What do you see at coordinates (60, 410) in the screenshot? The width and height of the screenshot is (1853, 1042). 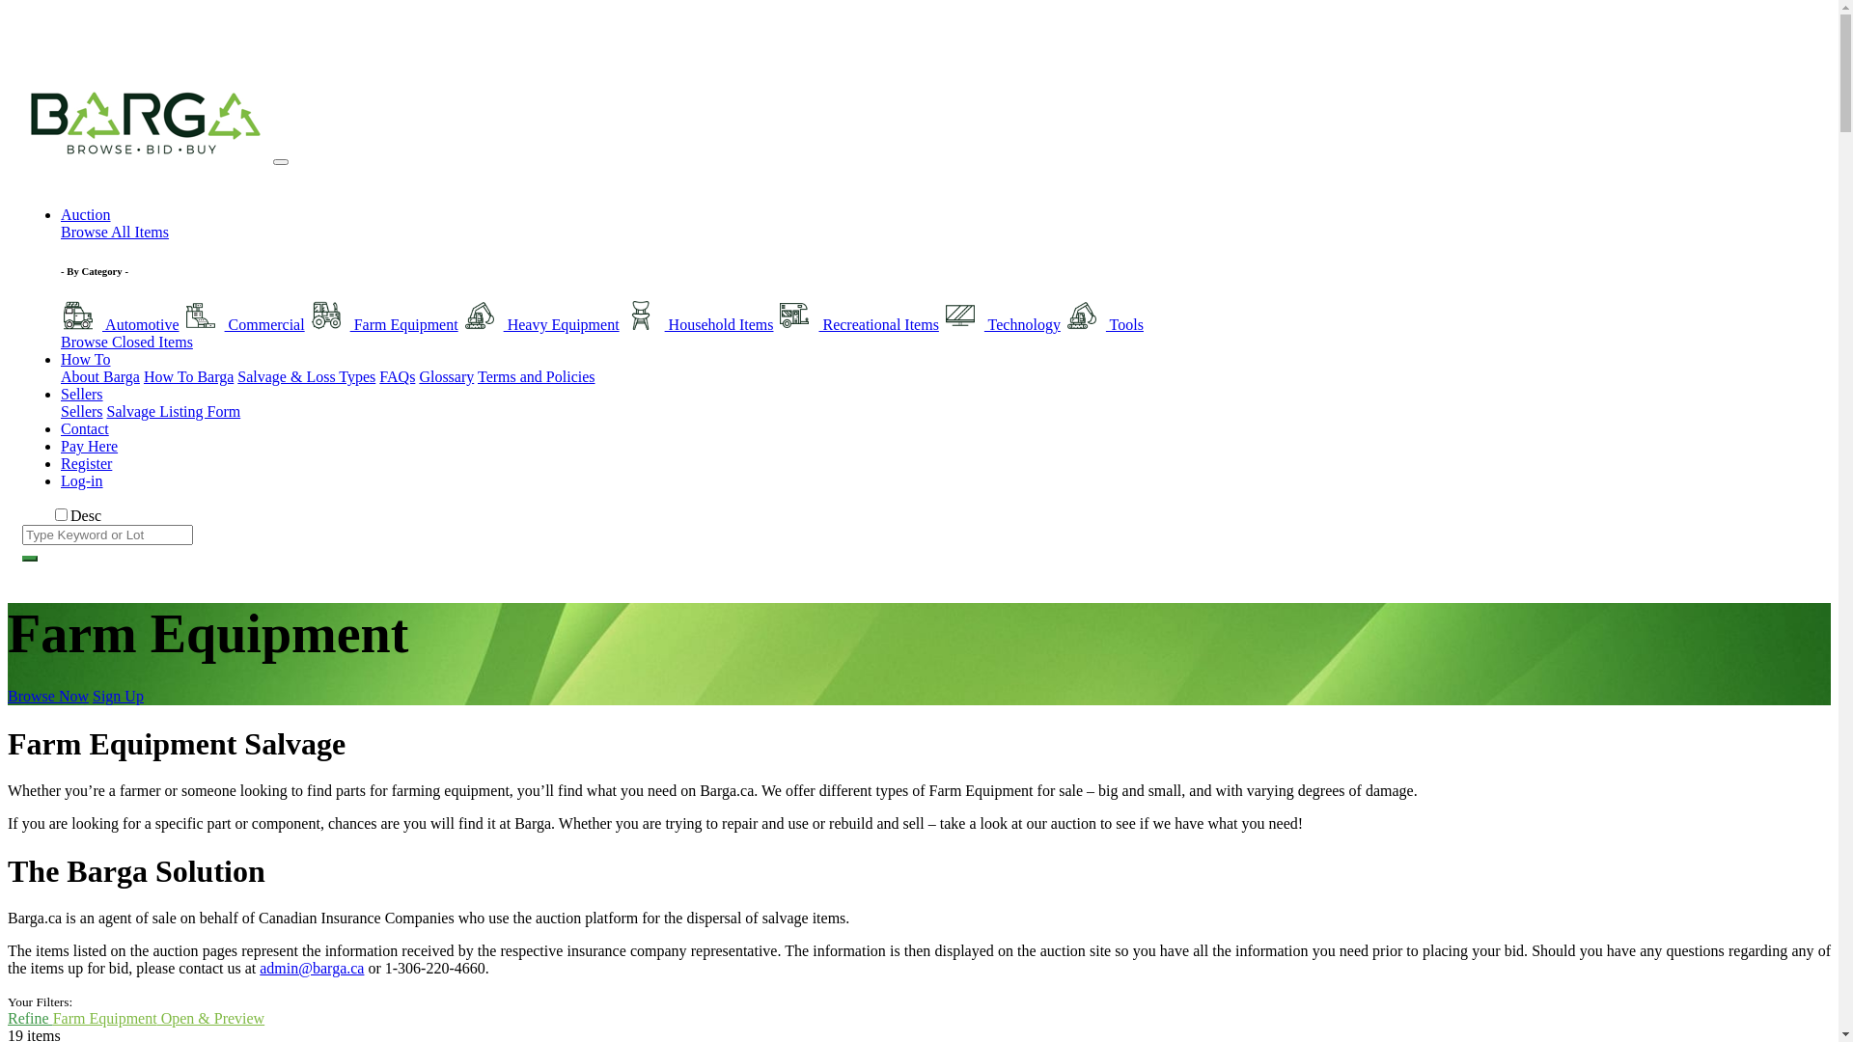 I see `'Sellers'` at bounding box center [60, 410].